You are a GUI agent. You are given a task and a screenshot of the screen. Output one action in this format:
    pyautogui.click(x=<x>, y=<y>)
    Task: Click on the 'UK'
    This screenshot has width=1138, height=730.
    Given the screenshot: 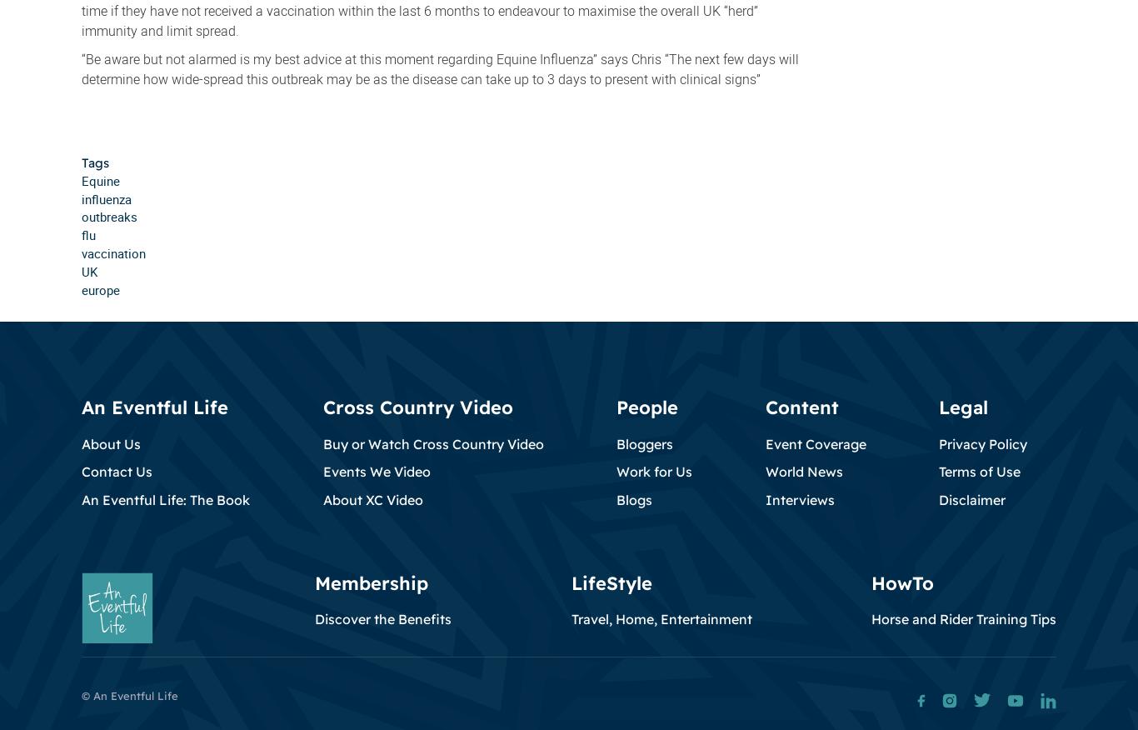 What is the action you would take?
    pyautogui.click(x=89, y=271)
    